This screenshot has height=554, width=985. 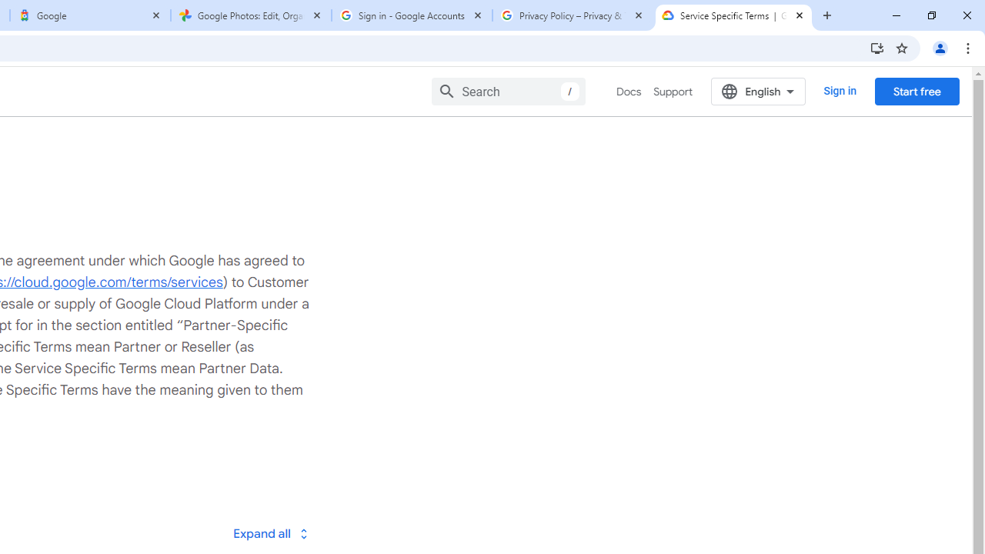 What do you see at coordinates (917, 91) in the screenshot?
I see `'Start free'` at bounding box center [917, 91].